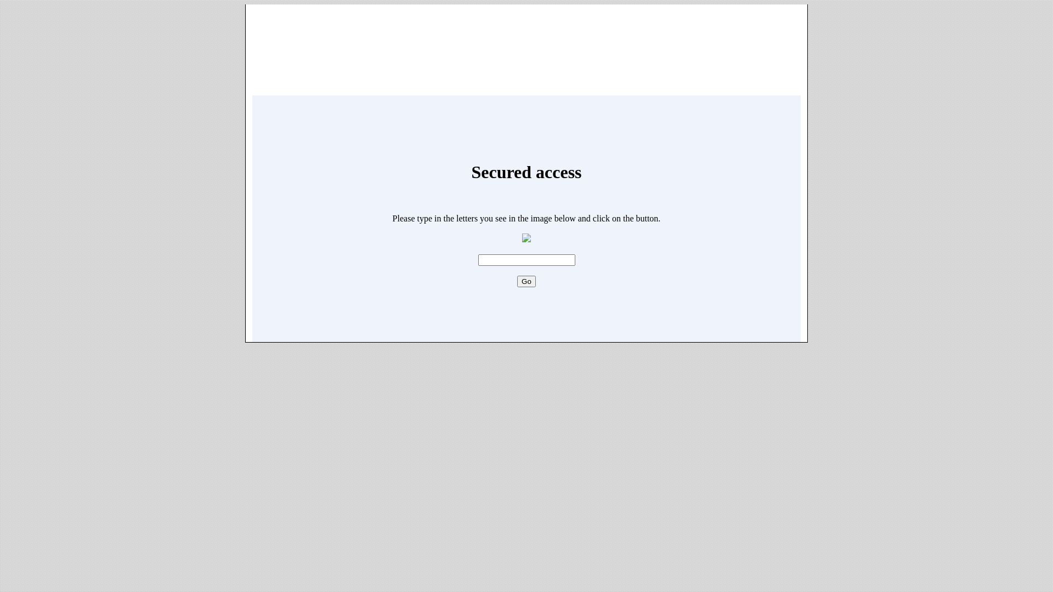  What do you see at coordinates (516, 281) in the screenshot?
I see `'Go'` at bounding box center [516, 281].